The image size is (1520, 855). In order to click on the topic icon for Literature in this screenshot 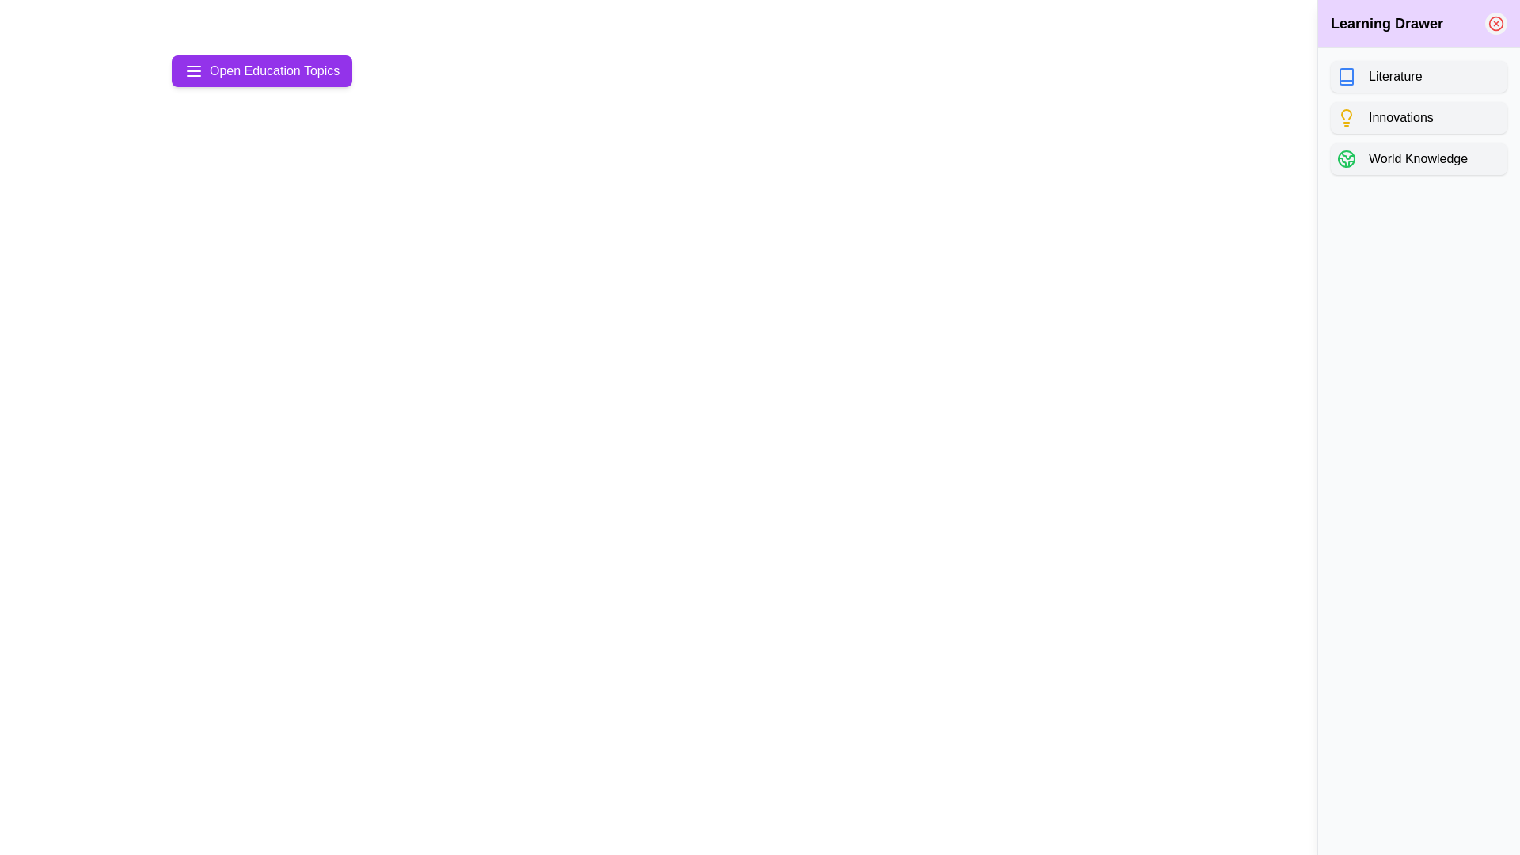, I will do `click(1345, 76)`.